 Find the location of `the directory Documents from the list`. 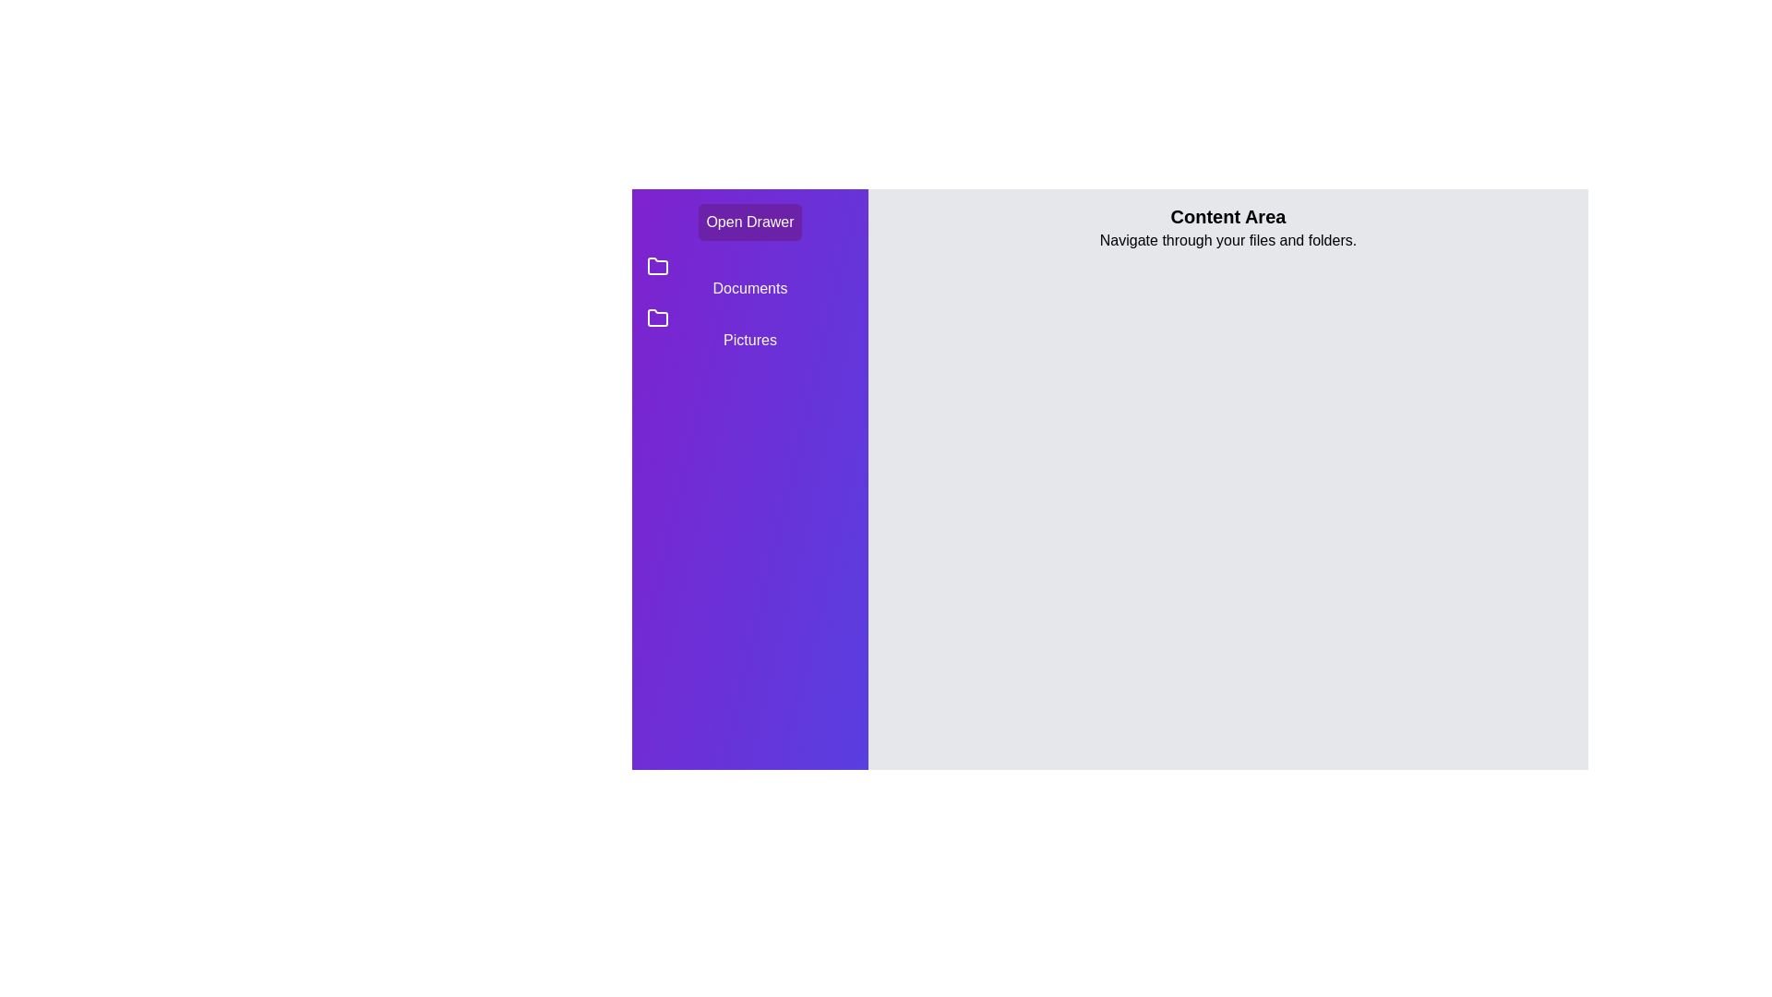

the directory Documents from the list is located at coordinates (749, 277).